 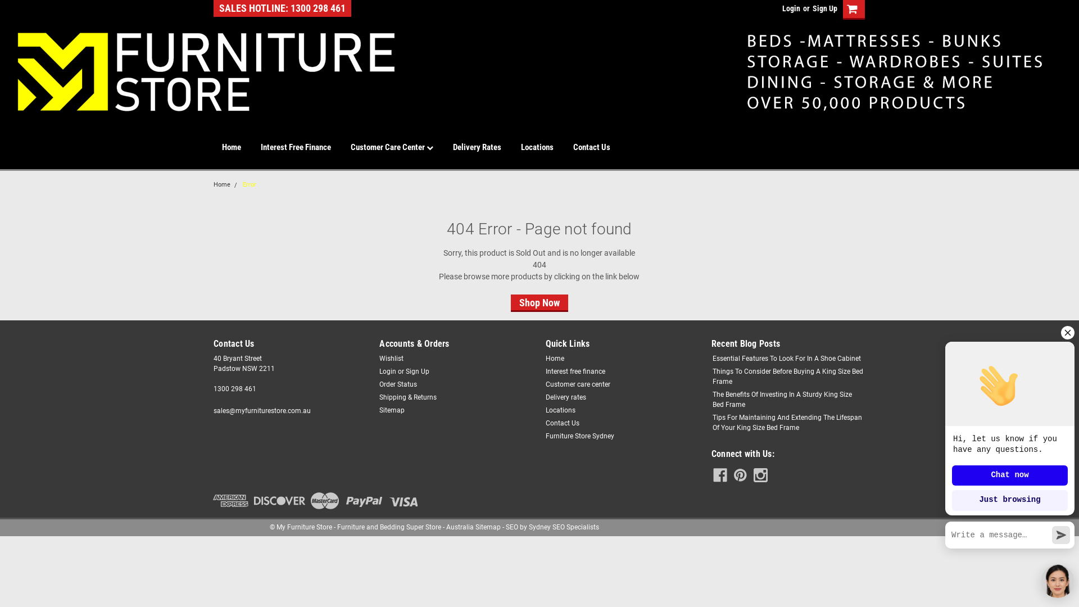 What do you see at coordinates (213, 388) in the screenshot?
I see `'1300 298 461'` at bounding box center [213, 388].